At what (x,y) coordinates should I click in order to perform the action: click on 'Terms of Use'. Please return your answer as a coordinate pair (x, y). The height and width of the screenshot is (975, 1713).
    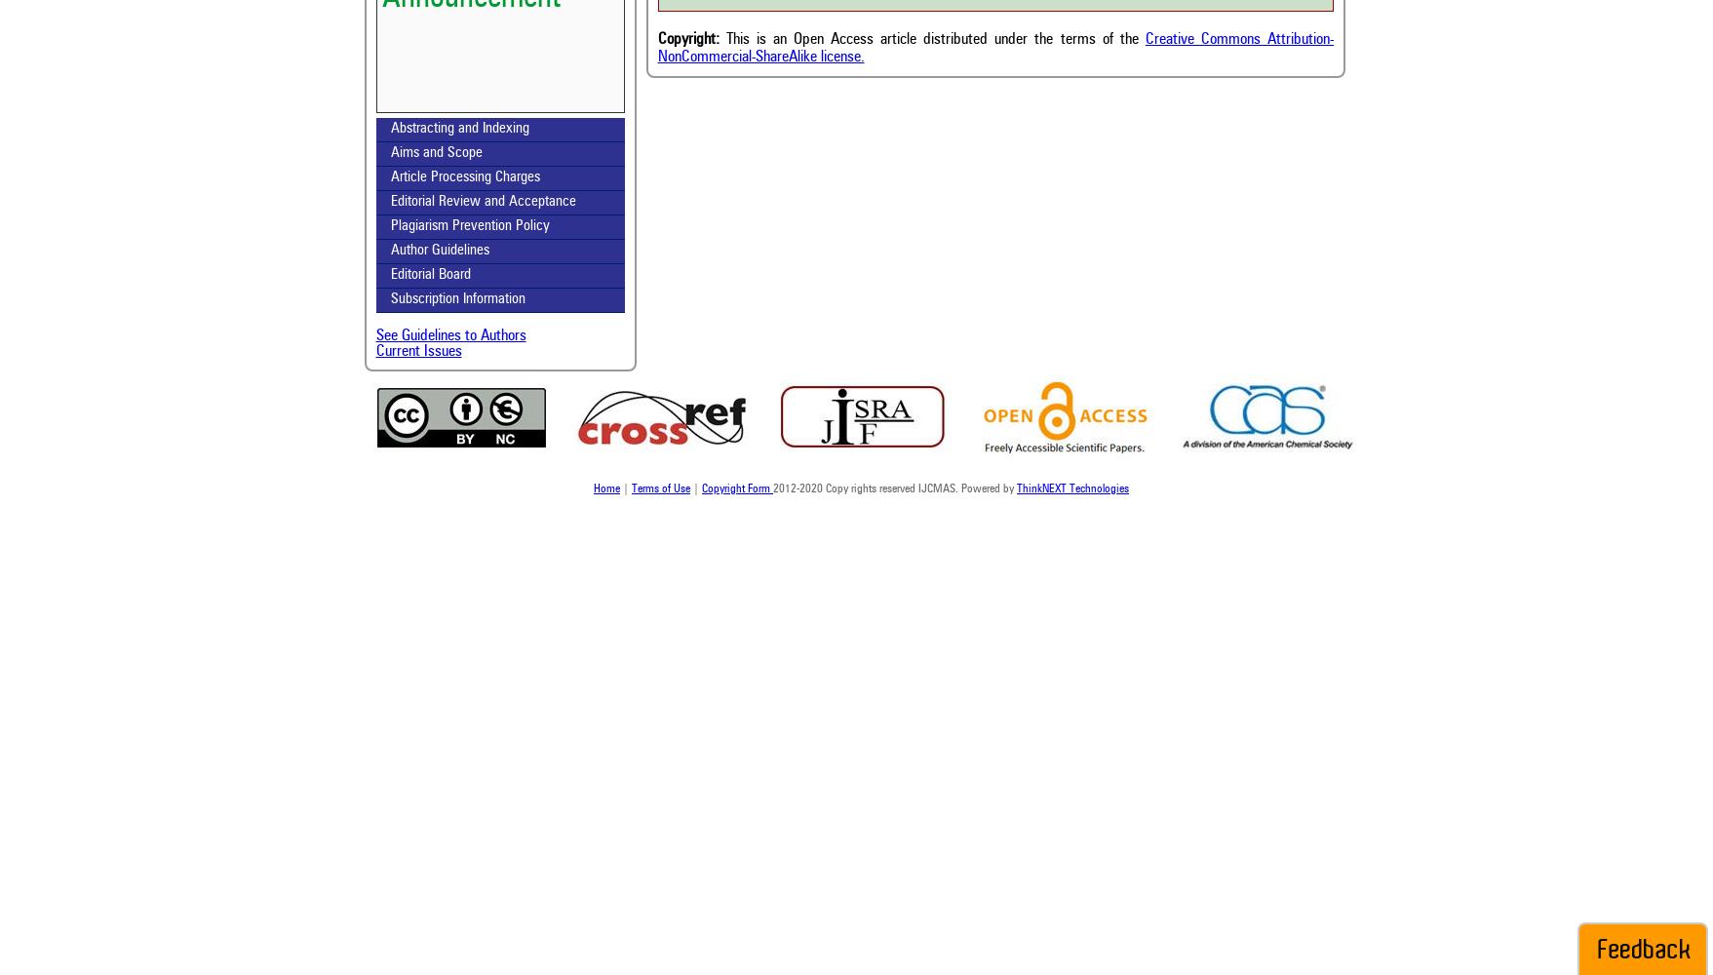
    Looking at the image, I should click on (630, 489).